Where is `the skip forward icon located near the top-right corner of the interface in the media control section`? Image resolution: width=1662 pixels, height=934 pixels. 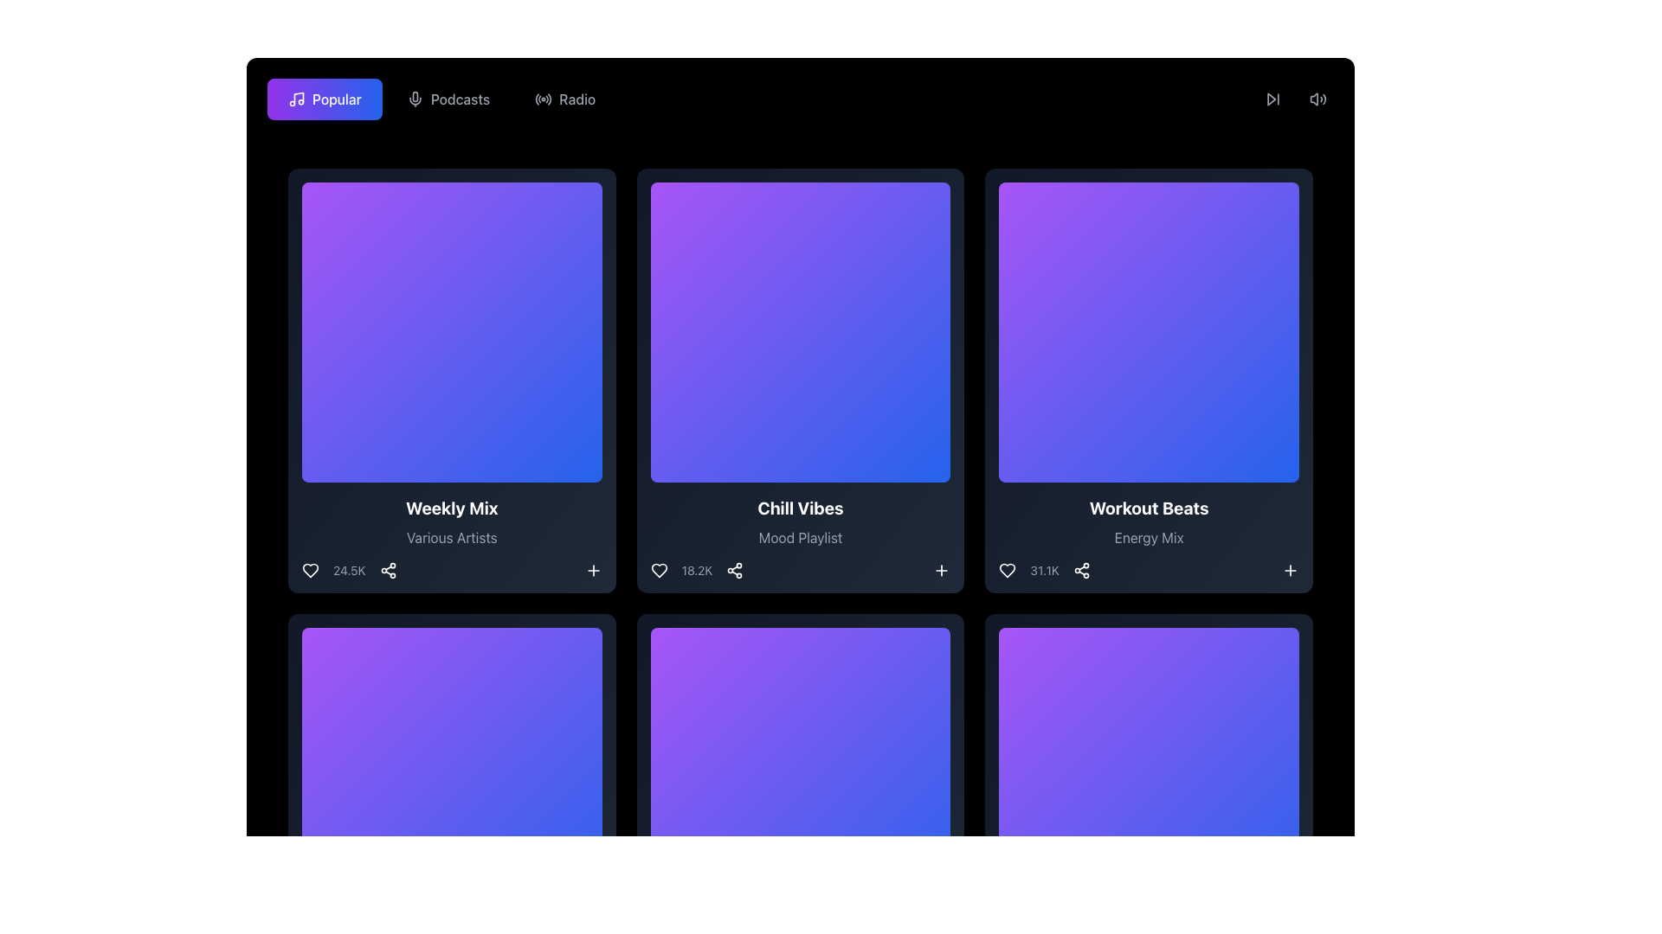
the skip forward icon located near the top-right corner of the interface in the media control section is located at coordinates (1271, 99).